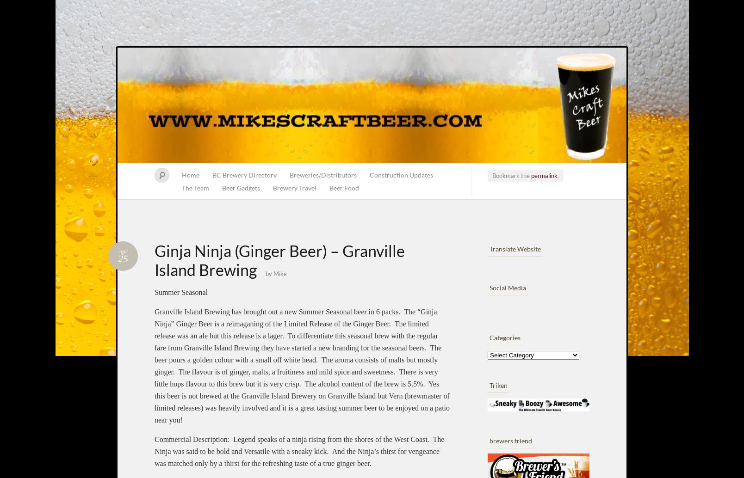 The width and height of the screenshot is (744, 478). Describe the element at coordinates (195, 187) in the screenshot. I see `'The Team'` at that location.